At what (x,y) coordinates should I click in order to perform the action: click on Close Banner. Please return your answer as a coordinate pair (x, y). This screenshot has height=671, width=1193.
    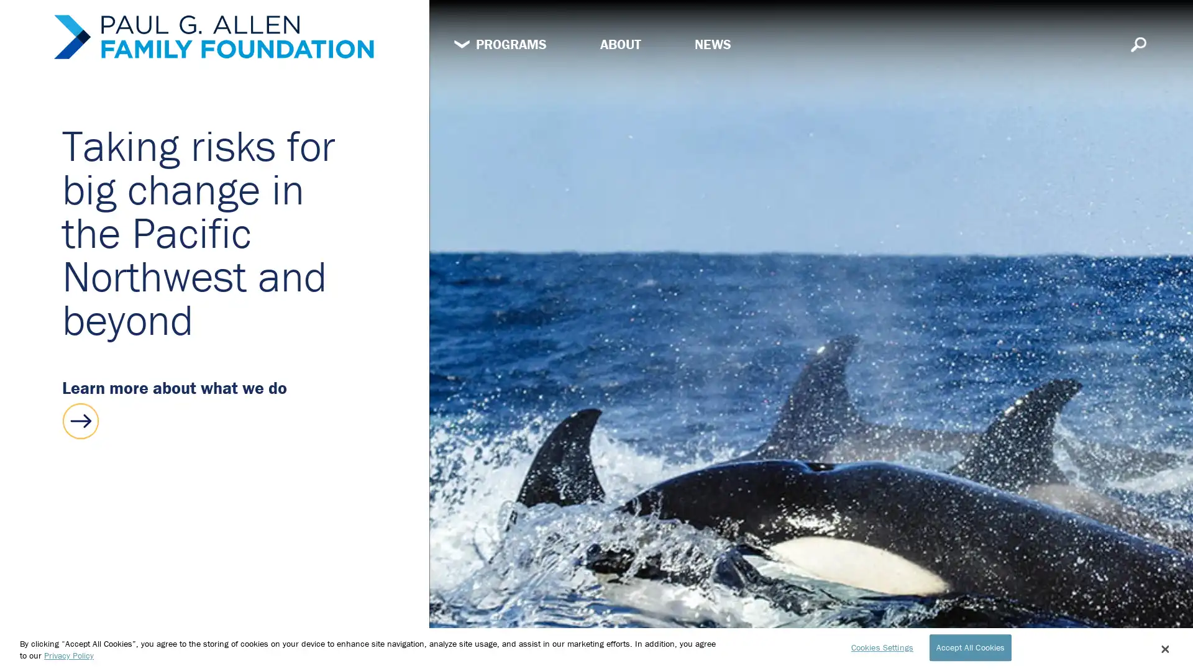
    Looking at the image, I should click on (1164, 649).